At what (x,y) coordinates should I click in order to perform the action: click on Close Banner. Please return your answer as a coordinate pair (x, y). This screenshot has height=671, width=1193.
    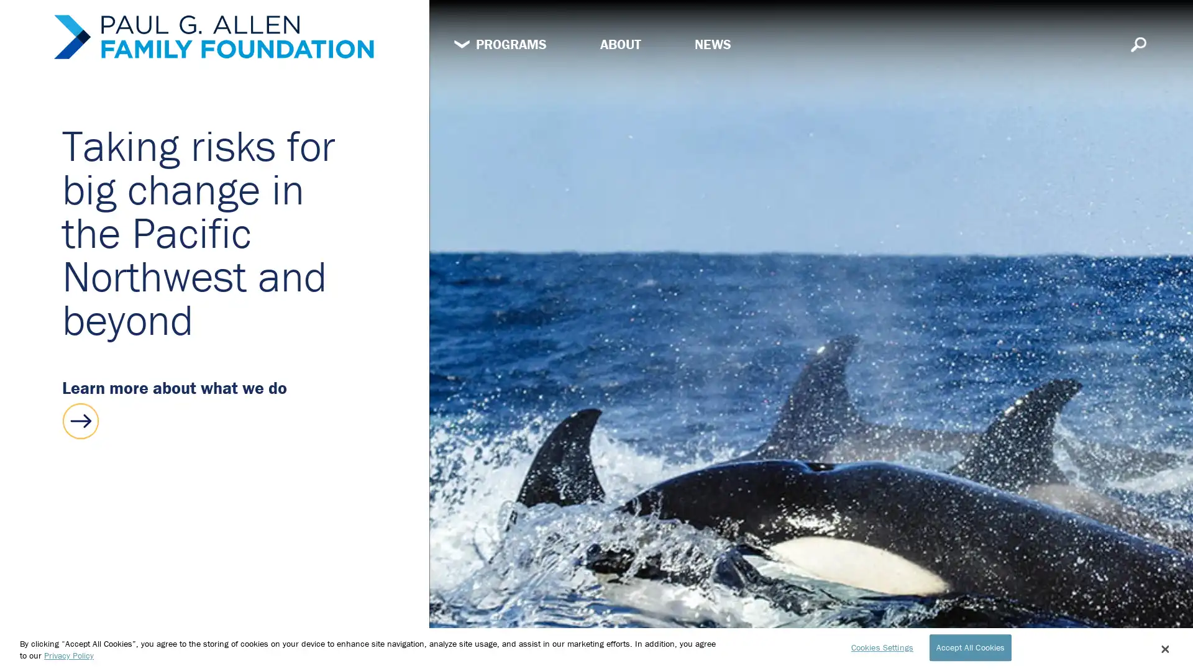
    Looking at the image, I should click on (1164, 649).